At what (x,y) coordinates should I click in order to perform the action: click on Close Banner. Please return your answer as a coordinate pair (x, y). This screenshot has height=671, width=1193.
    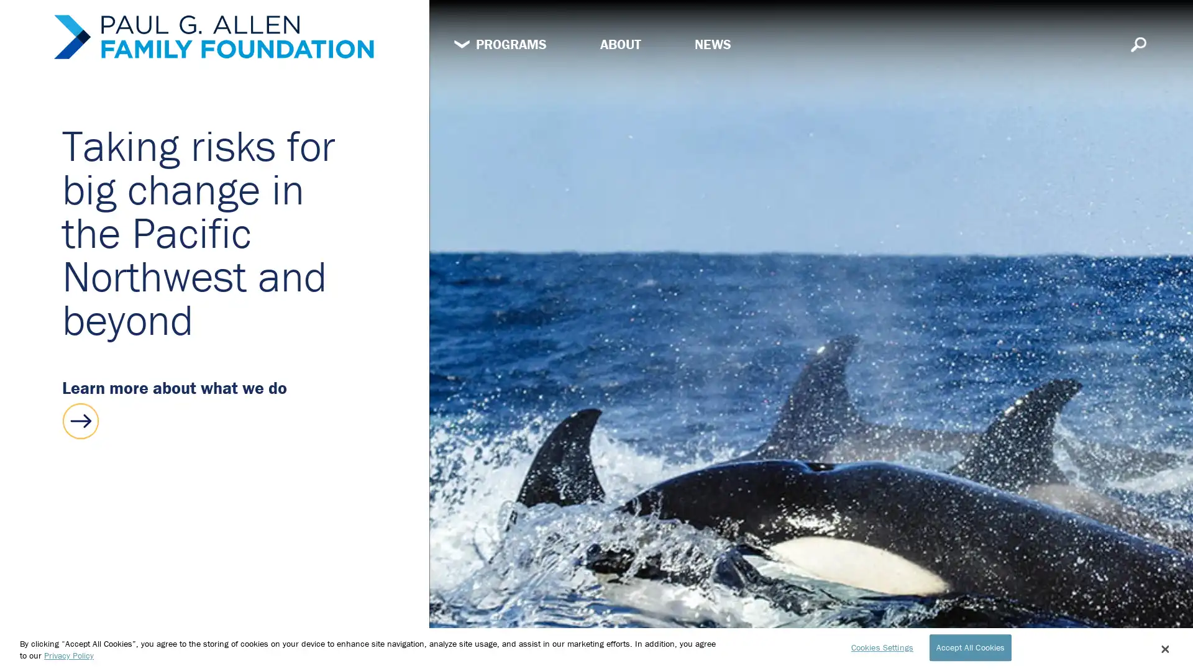
    Looking at the image, I should click on (1164, 649).